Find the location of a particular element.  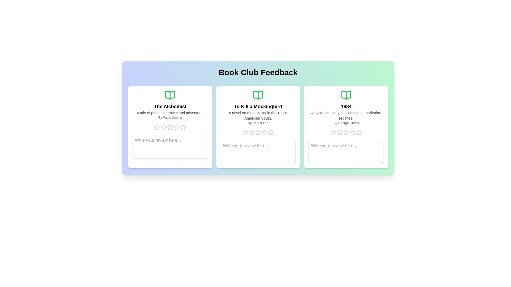

the third rating star is located at coordinates (170, 127).